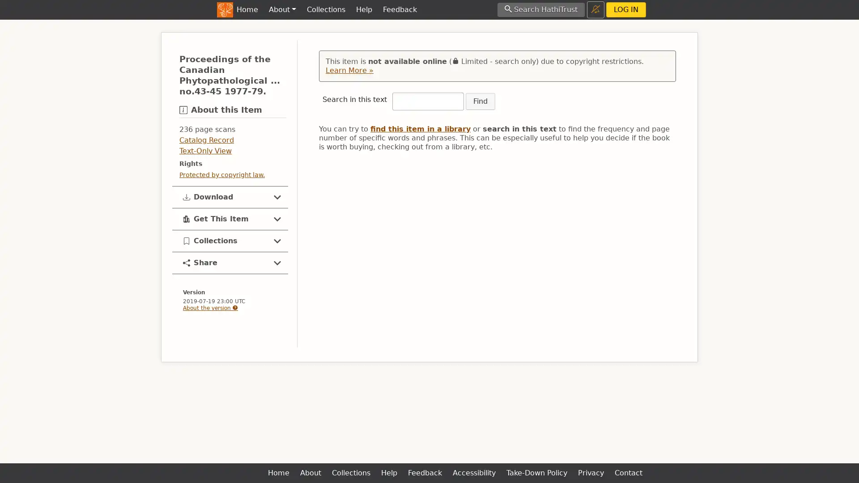  Describe the element at coordinates (480, 101) in the screenshot. I see `Find` at that location.